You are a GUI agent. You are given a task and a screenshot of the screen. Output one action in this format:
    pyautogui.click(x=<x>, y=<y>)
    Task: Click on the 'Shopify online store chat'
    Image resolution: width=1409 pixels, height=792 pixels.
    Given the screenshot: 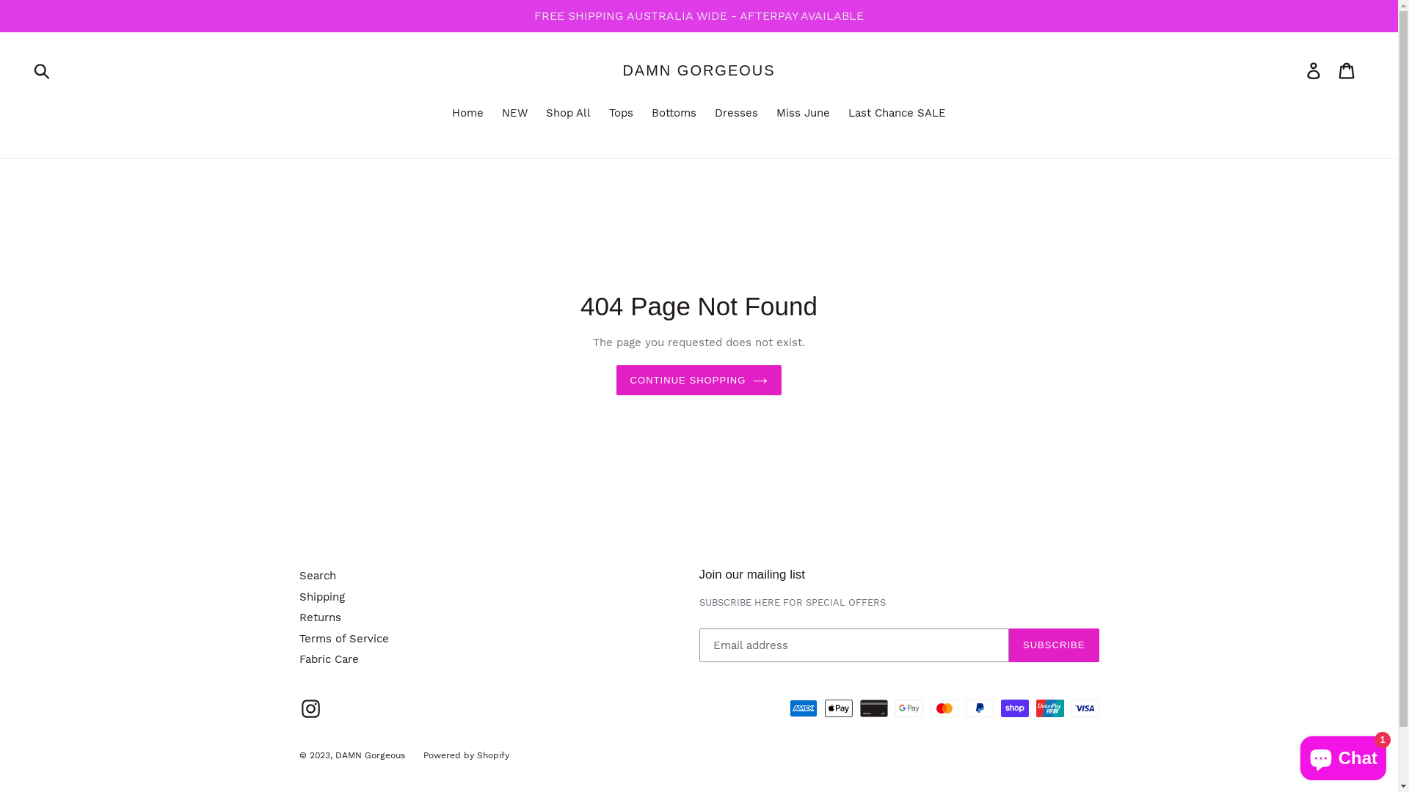 What is the action you would take?
    pyautogui.click(x=1343, y=755)
    